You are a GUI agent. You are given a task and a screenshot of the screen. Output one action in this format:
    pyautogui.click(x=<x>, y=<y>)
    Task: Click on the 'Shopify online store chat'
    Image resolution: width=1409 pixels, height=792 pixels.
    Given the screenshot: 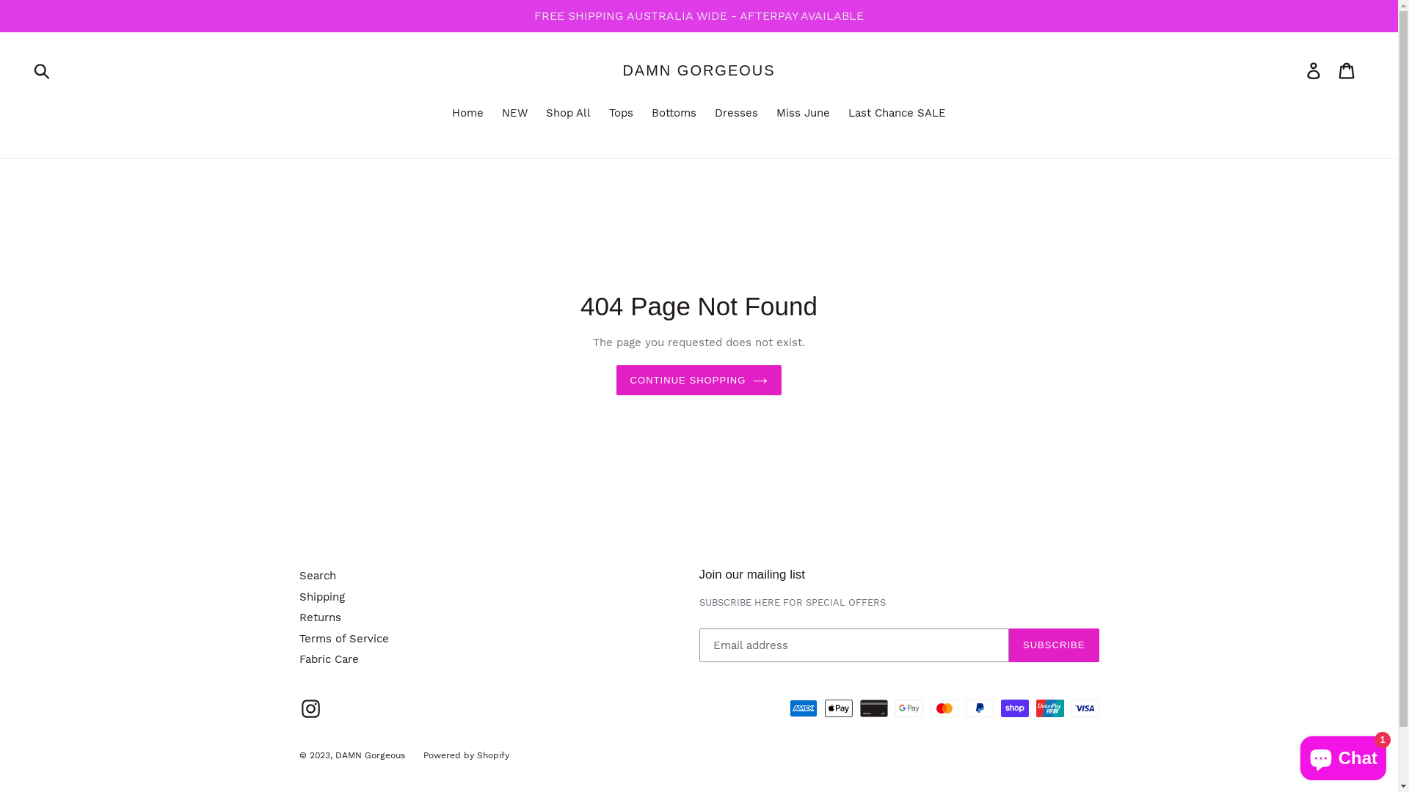 What is the action you would take?
    pyautogui.click(x=1343, y=755)
    